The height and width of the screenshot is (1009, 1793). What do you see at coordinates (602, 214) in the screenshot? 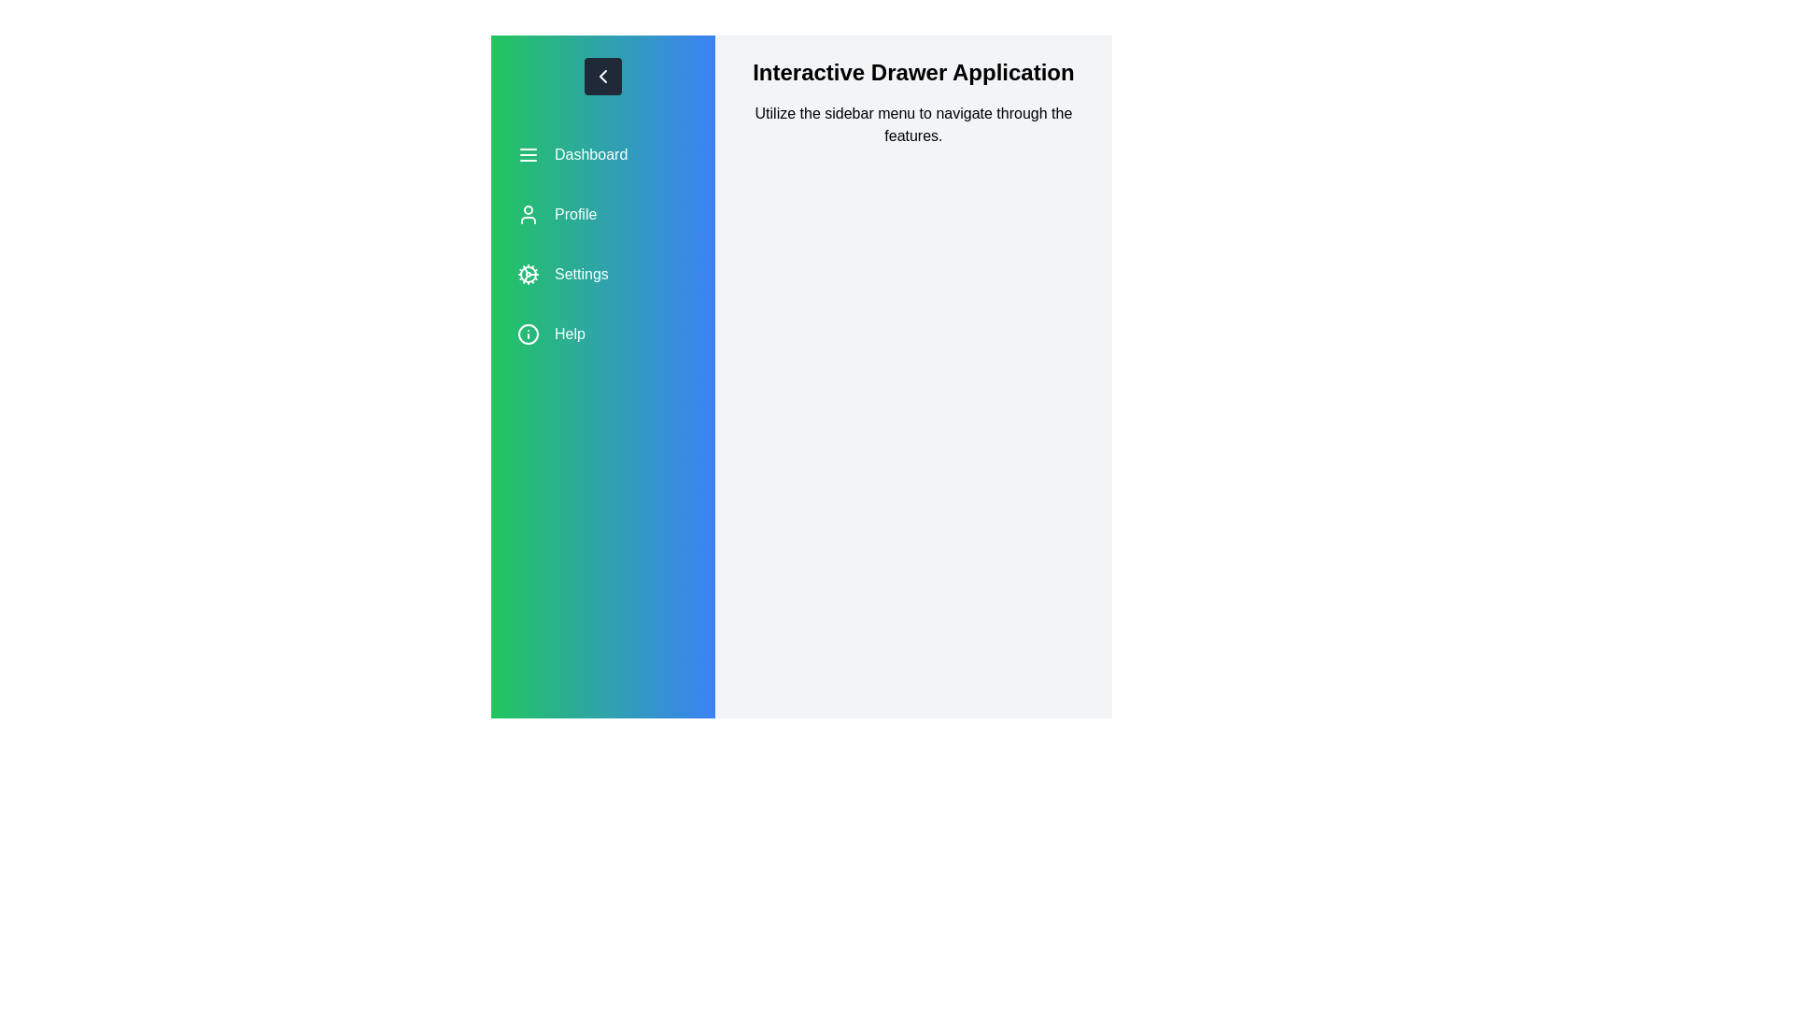
I see `the menu option Profile to navigate` at bounding box center [602, 214].